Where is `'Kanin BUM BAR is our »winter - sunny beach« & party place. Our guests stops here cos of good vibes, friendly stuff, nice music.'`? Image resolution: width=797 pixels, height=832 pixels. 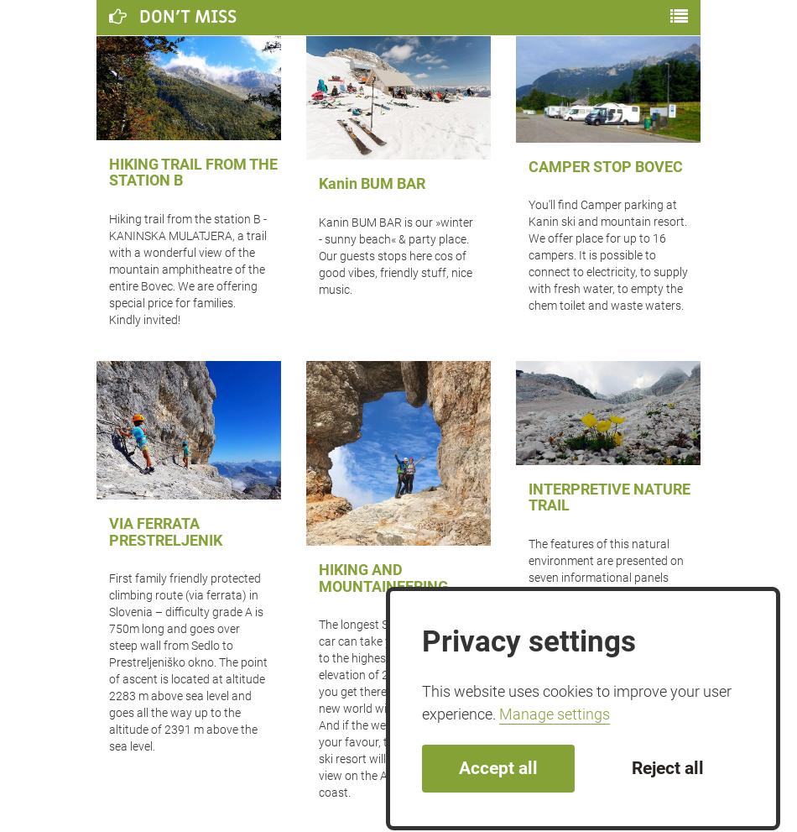 'Kanin BUM BAR is our »winter - sunny beach« & party place. Our guests stops here cos of good vibes, friendly stuff, nice music.' is located at coordinates (394, 254).